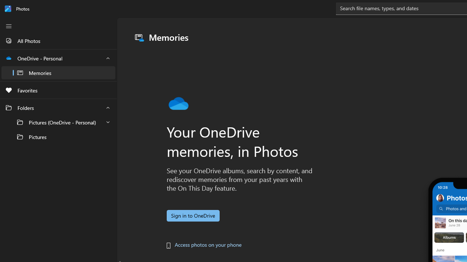 The height and width of the screenshot is (262, 467). Describe the element at coordinates (58, 122) in the screenshot. I see `'Pictures (OneDrive - Personal)'` at that location.